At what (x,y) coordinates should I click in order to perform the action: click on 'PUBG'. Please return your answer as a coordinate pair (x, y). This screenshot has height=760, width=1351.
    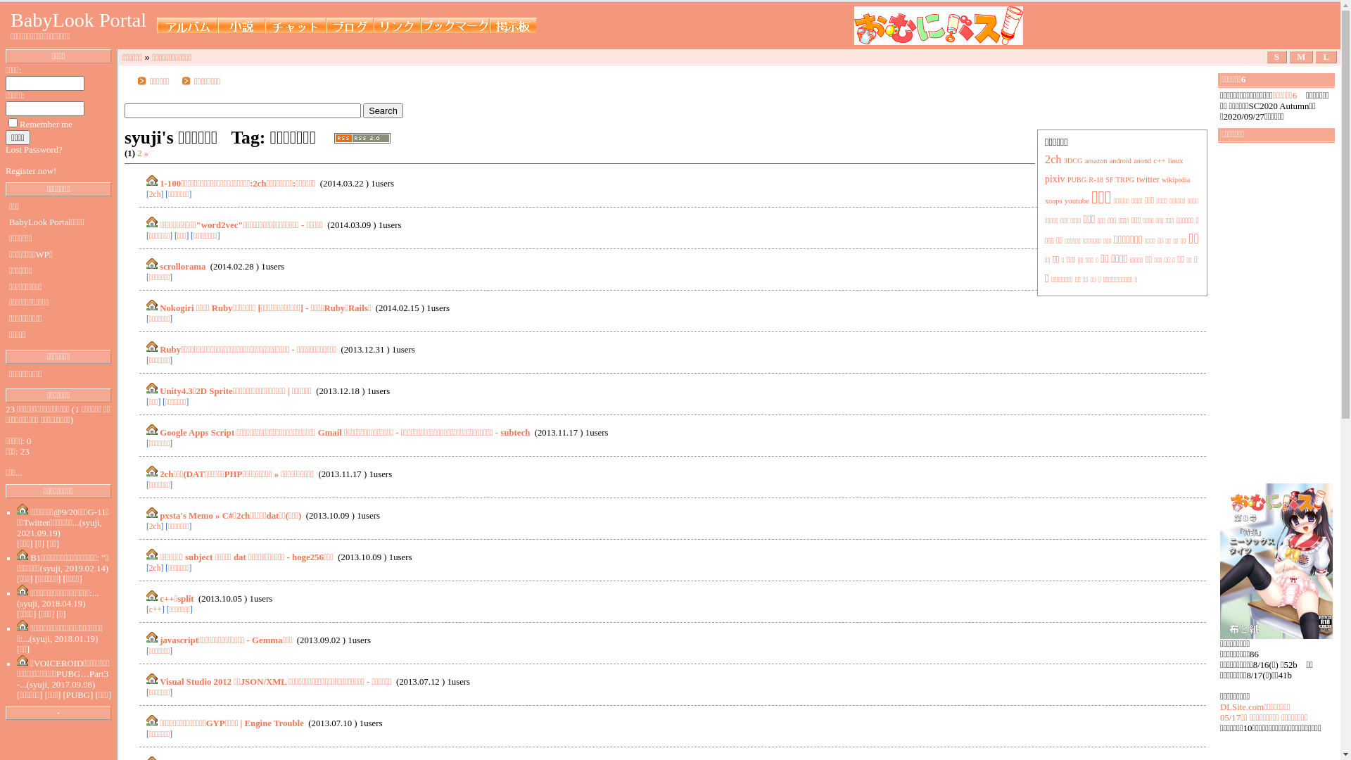
    Looking at the image, I should click on (1067, 179).